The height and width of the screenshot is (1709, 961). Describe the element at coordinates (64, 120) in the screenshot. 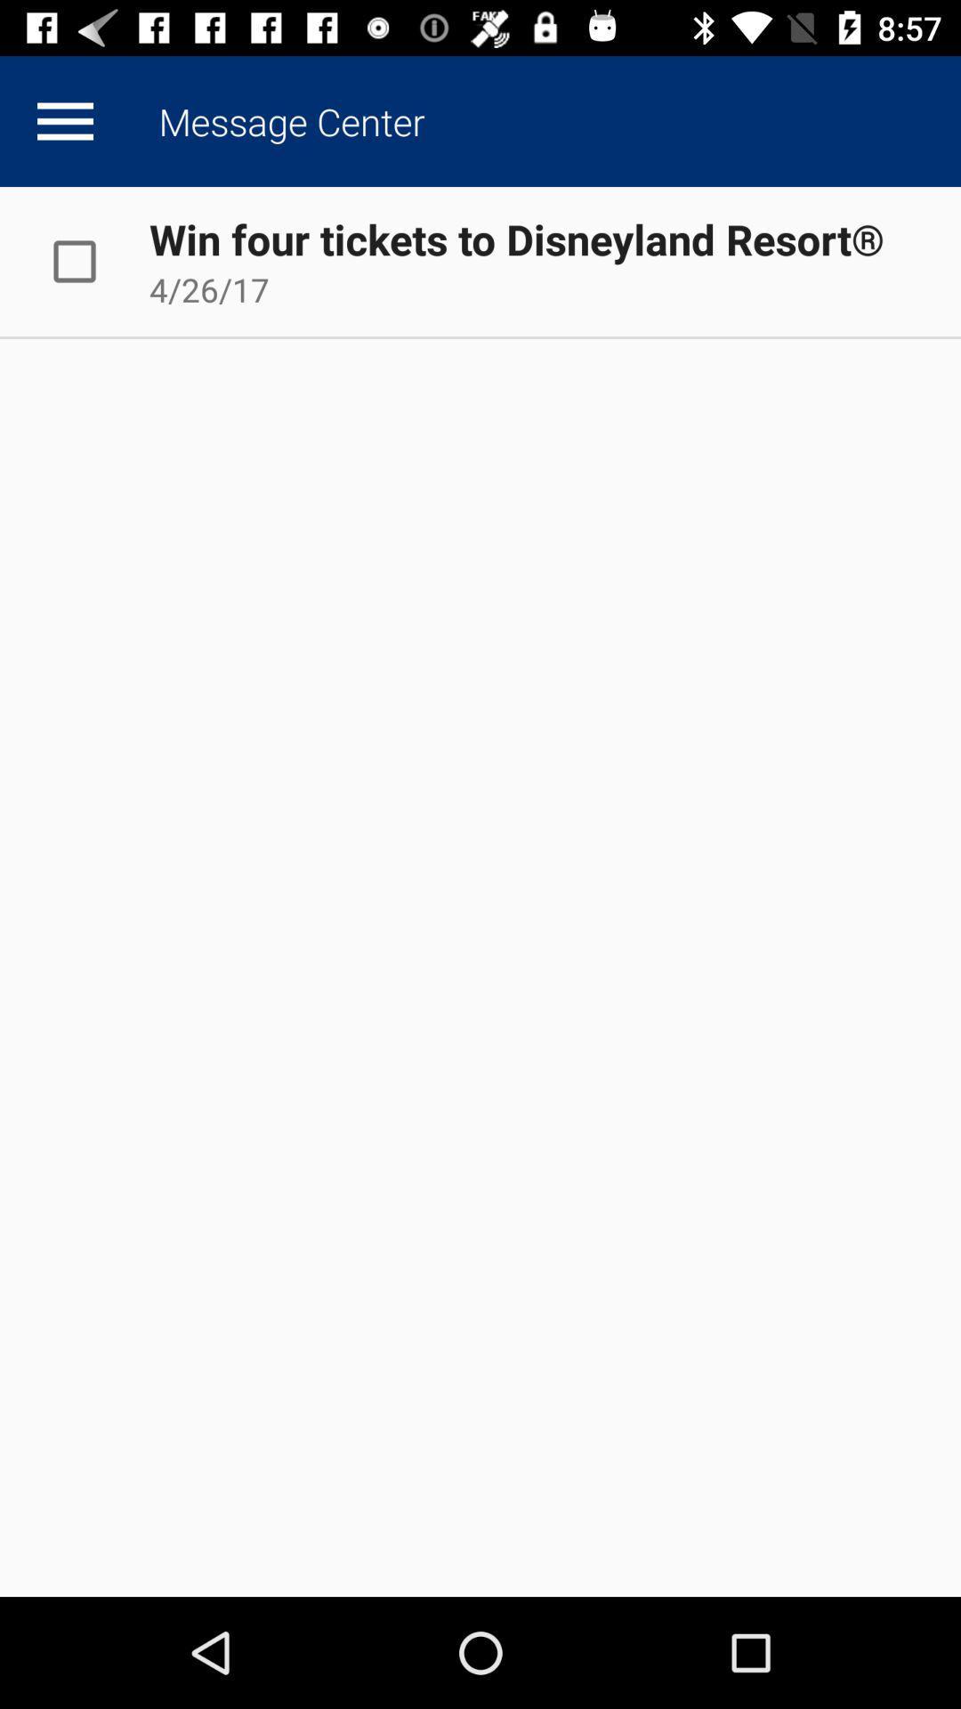

I see `the menu icon` at that location.